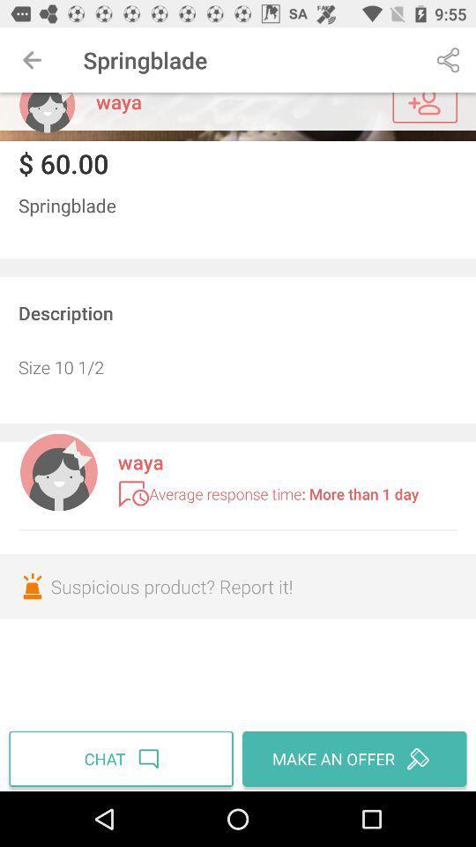 The height and width of the screenshot is (847, 476). Describe the element at coordinates (238, 586) in the screenshot. I see `suspicious product report item` at that location.